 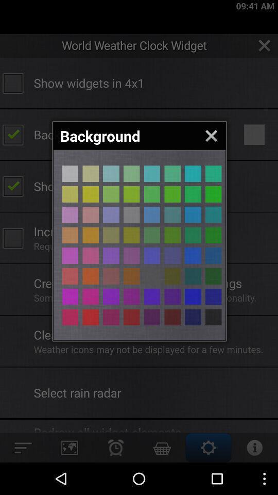 I want to click on color selection, so click(x=69, y=275).